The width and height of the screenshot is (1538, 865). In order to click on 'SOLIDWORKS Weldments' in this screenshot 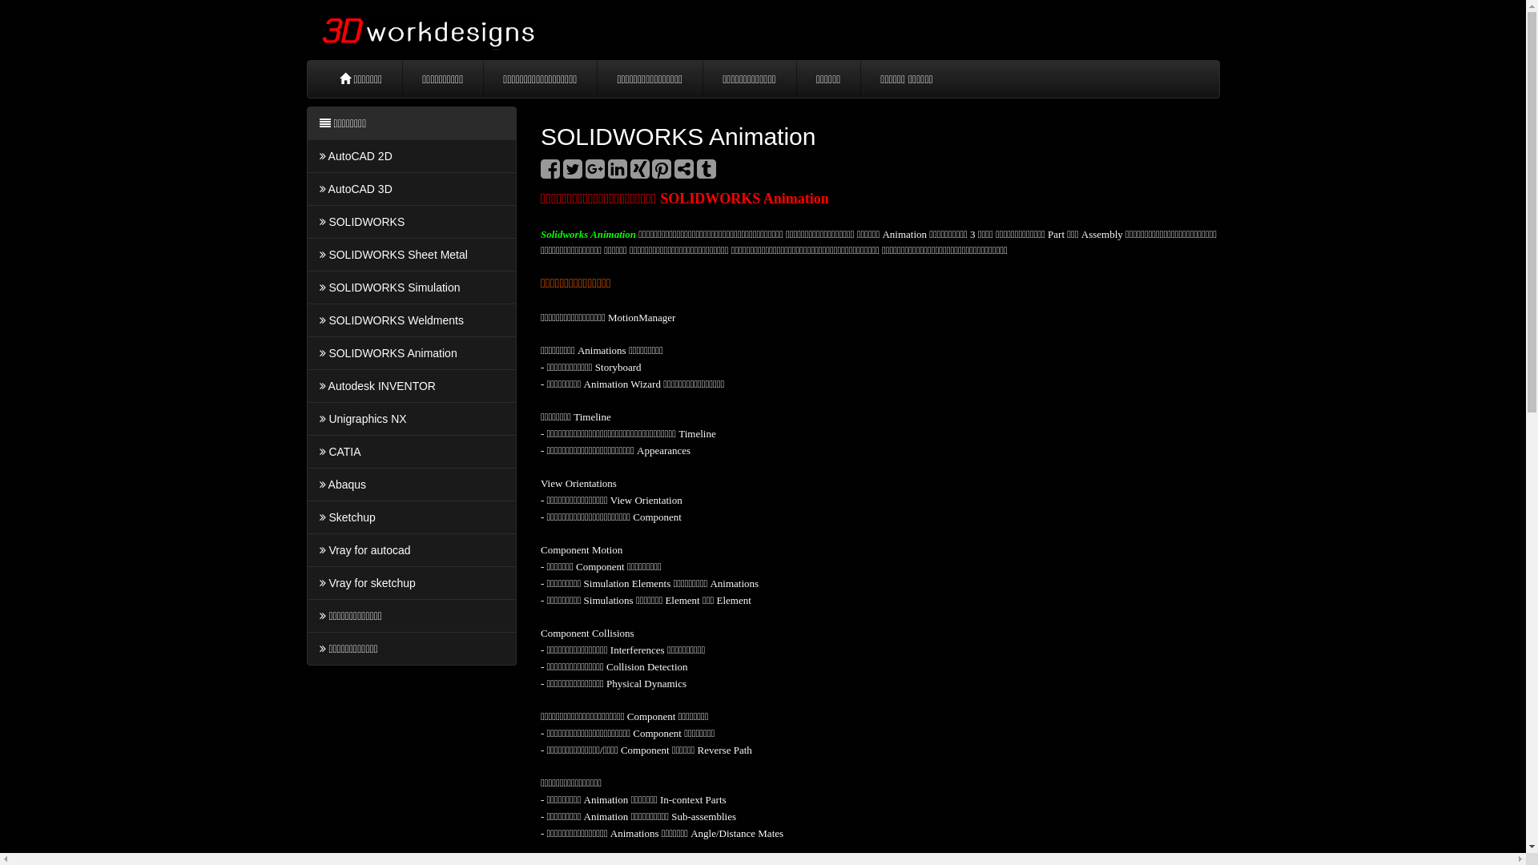, I will do `click(306, 320)`.